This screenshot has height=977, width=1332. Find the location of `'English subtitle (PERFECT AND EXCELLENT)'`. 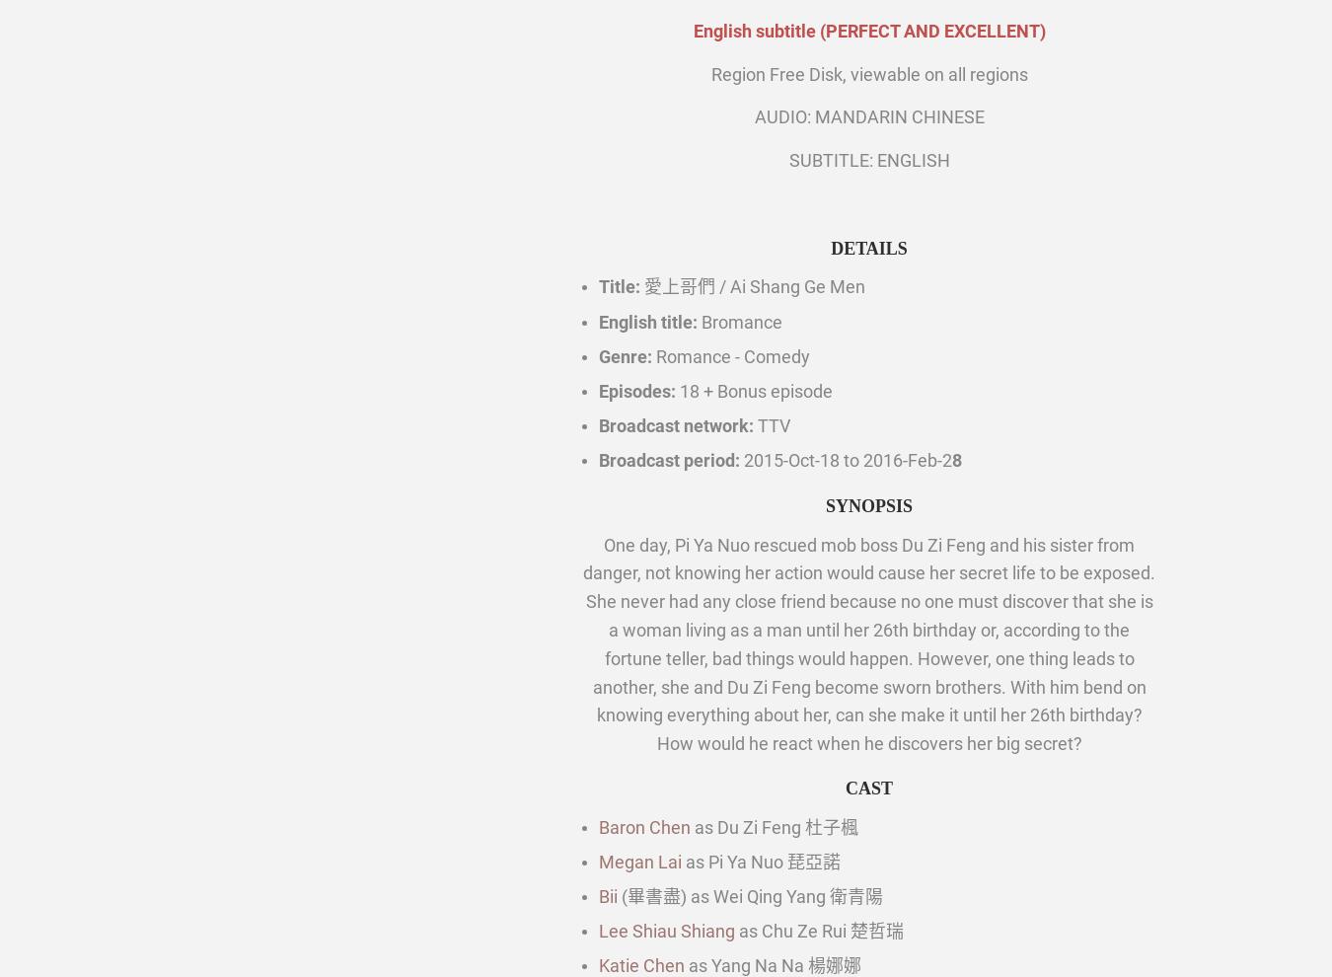

'English subtitle (PERFECT AND EXCELLENT)' is located at coordinates (868, 29).